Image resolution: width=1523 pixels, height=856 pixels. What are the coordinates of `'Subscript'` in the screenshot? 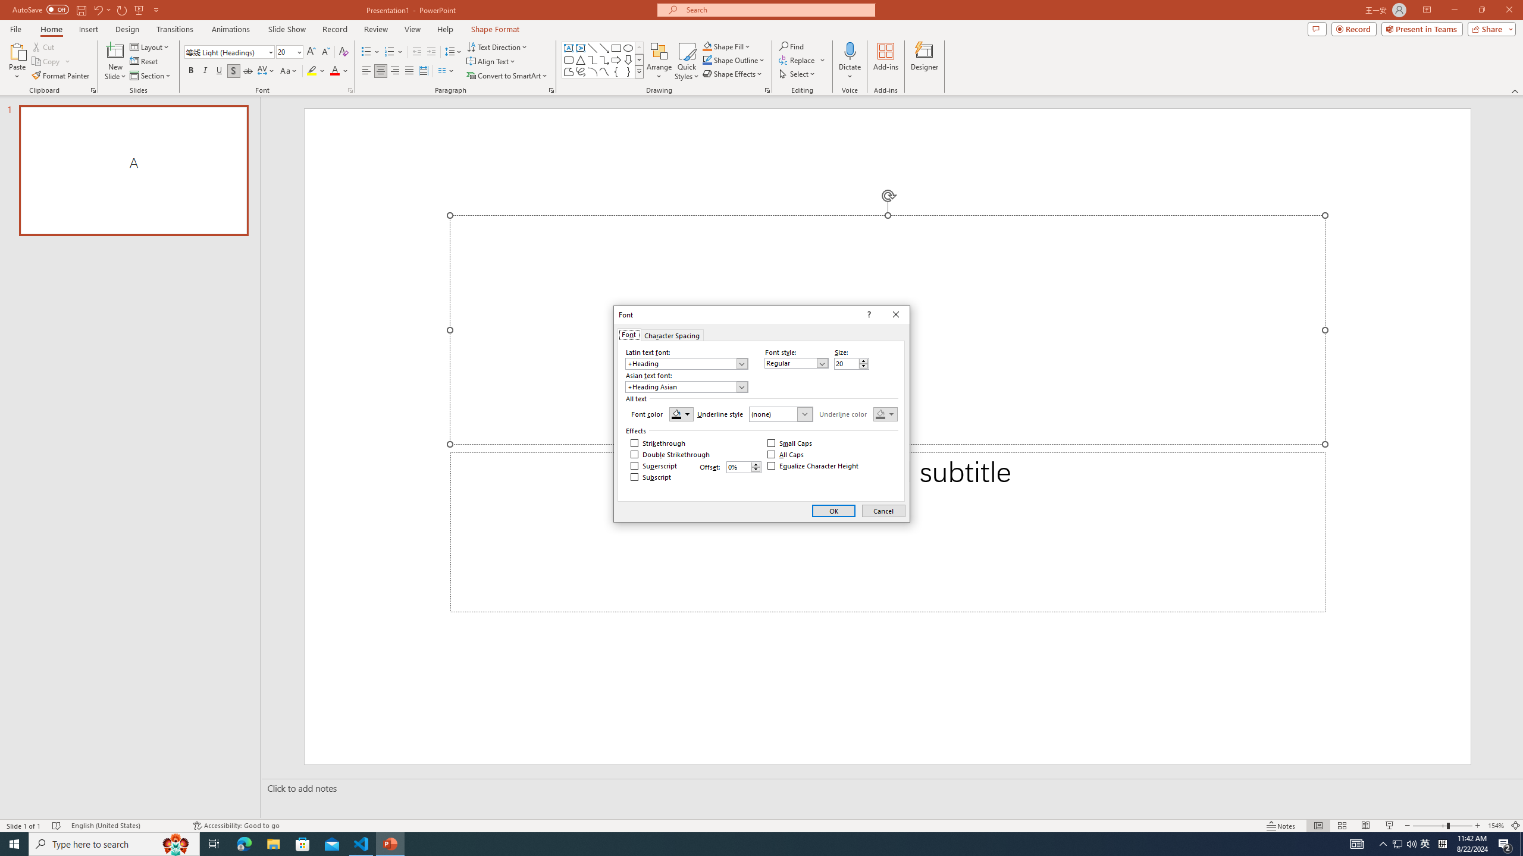 It's located at (650, 476).